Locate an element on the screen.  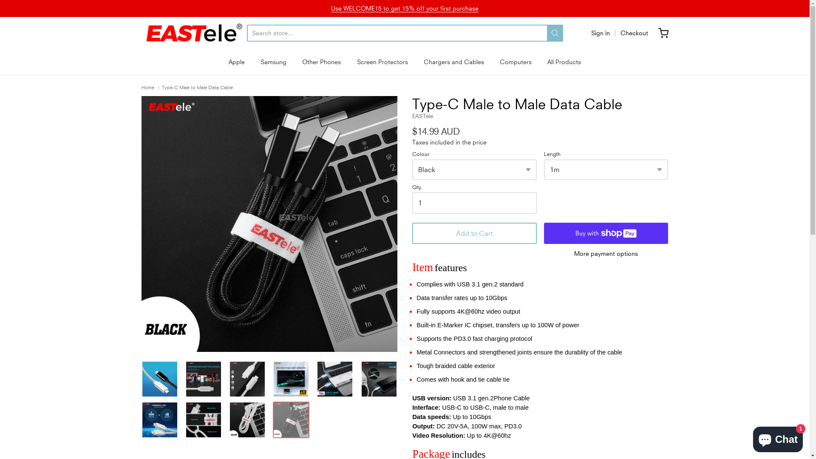
'Apple' is located at coordinates (236, 62).